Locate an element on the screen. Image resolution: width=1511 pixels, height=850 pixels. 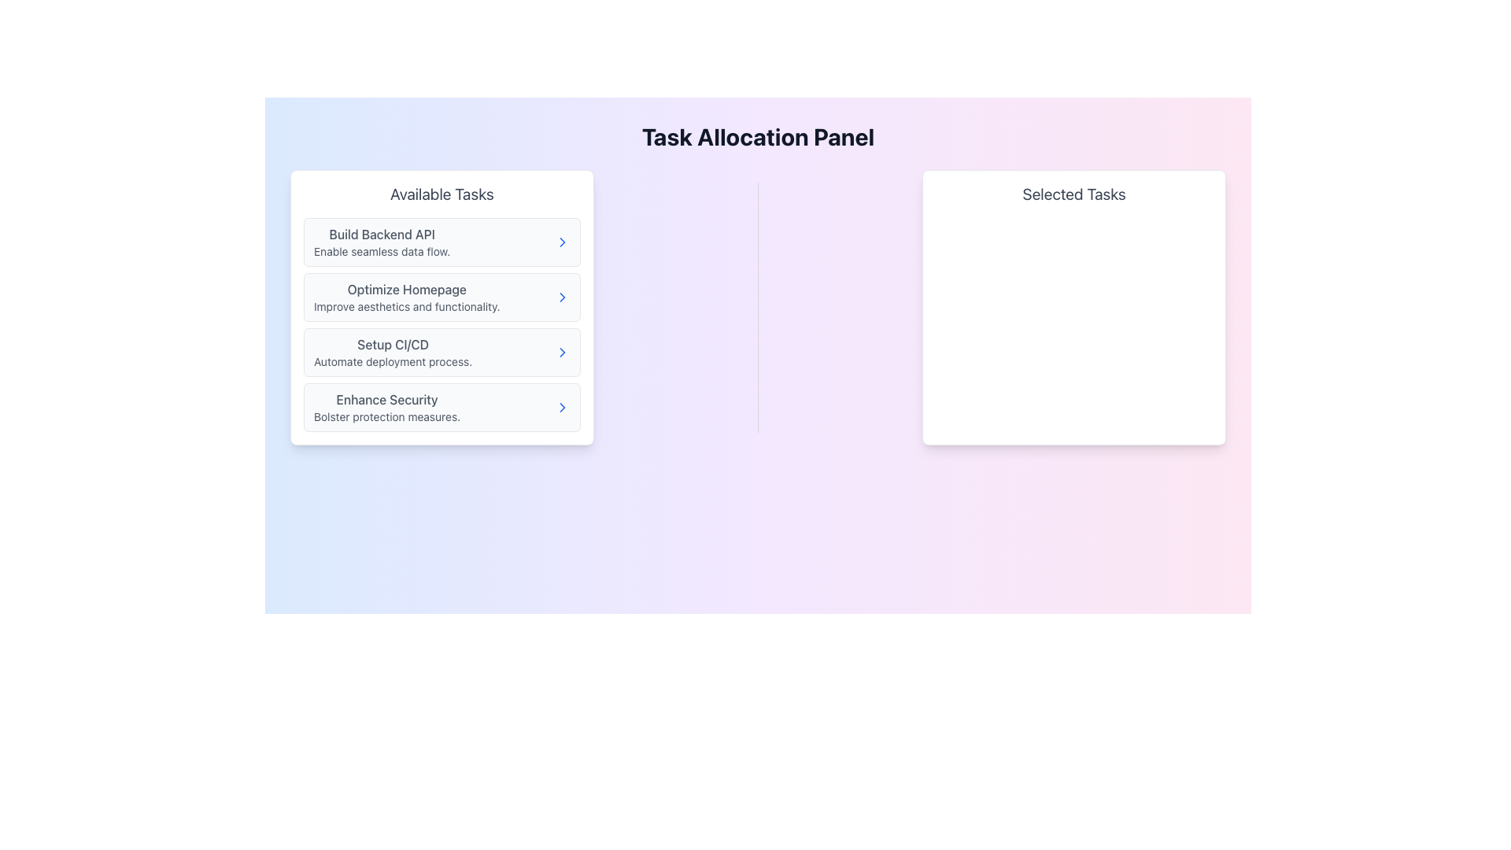
the rightward chevron icon styled in blue located at the right end of the 'Build Backend API' section in the 'Available Tasks' panel is located at coordinates (562, 242).